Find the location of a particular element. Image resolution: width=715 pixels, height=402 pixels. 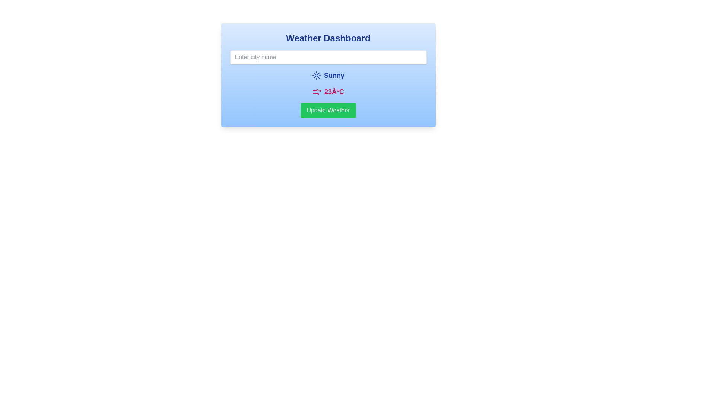

the sunny weather icon located to the left of the text 'Sunny' in the Weather Dashboard section is located at coordinates (316, 76).